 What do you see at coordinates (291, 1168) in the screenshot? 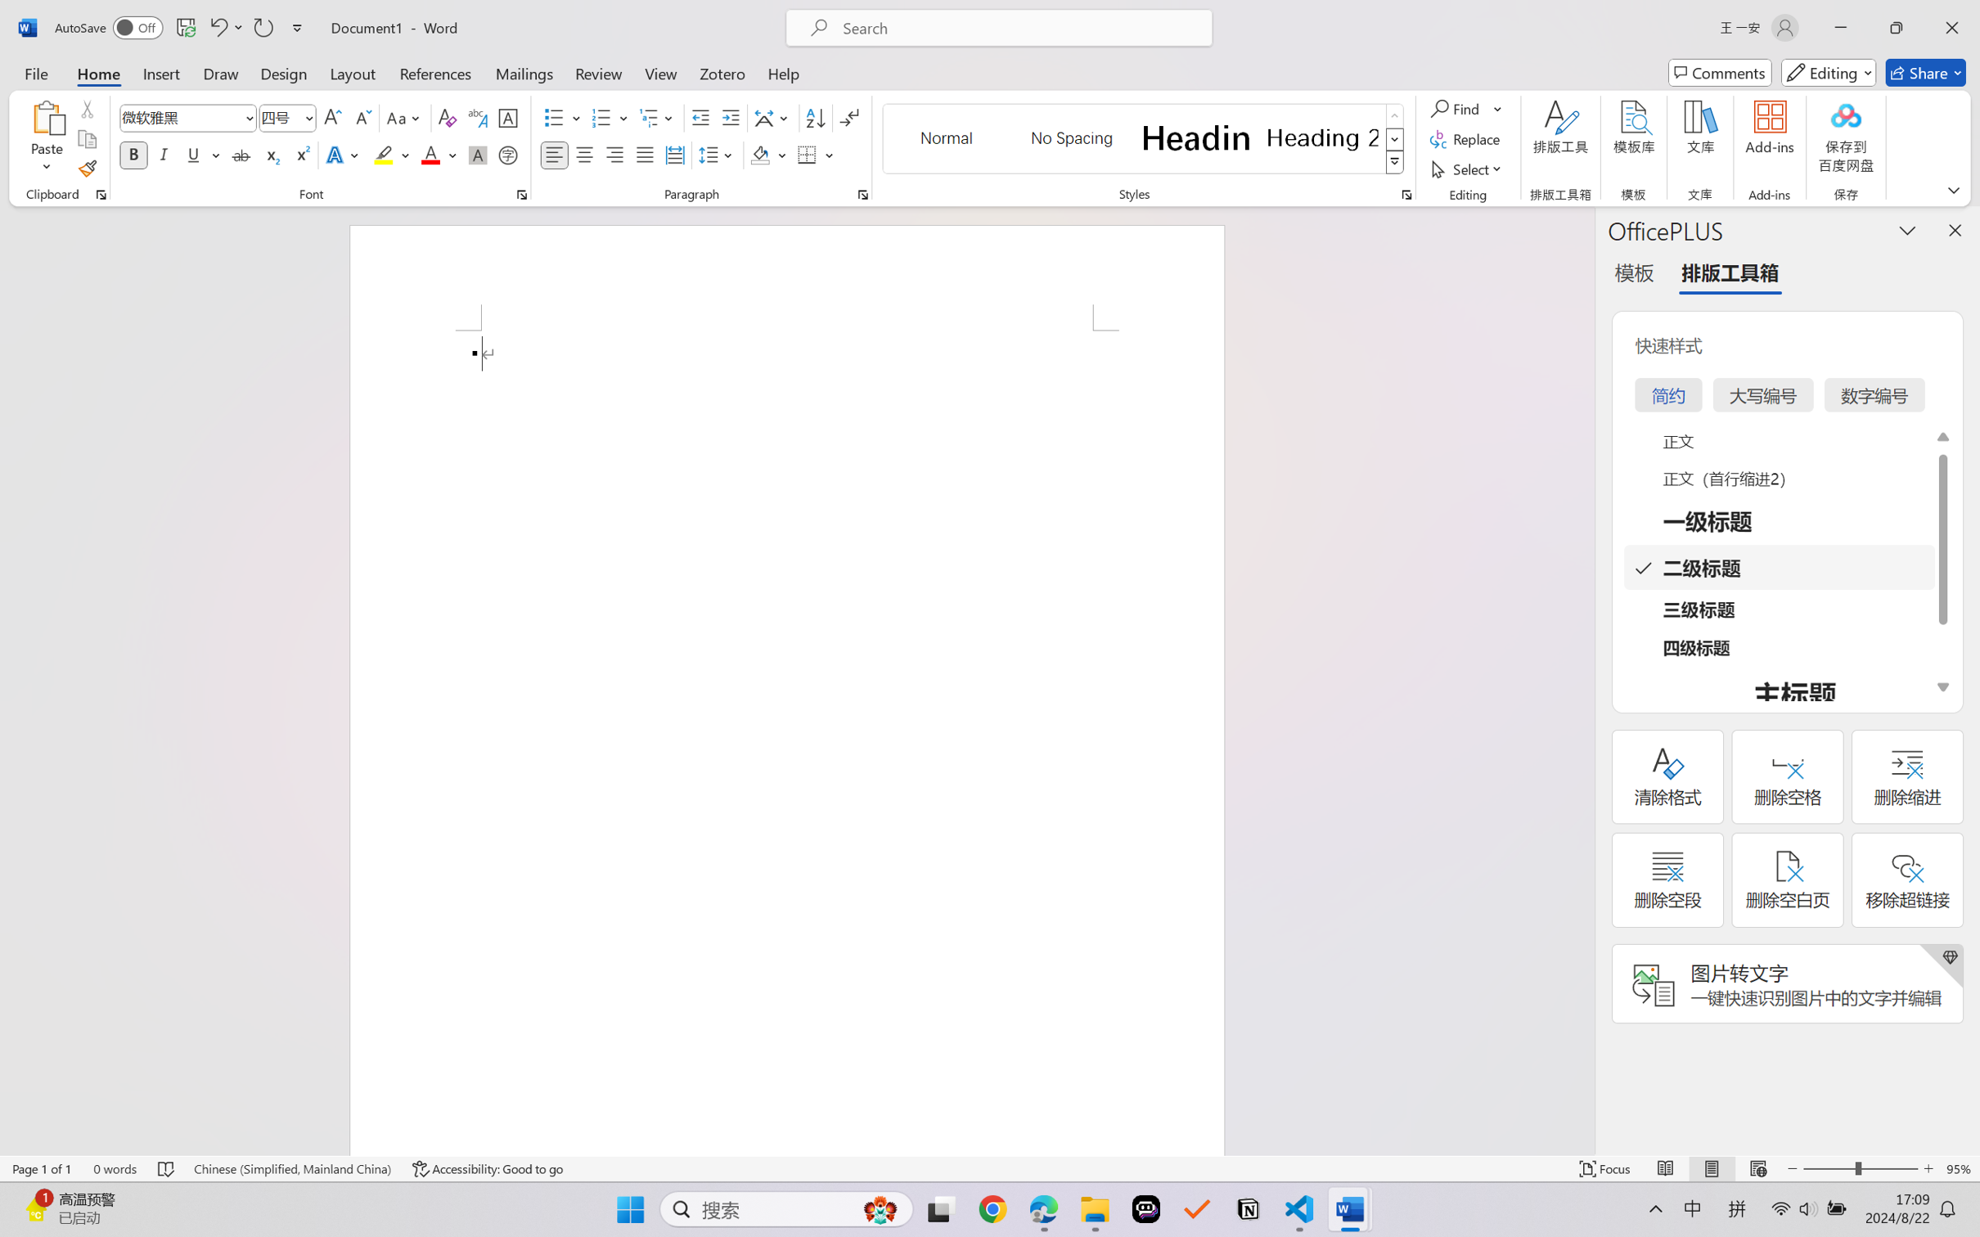
I see `'Language Chinese (Simplified, Mainland China)'` at bounding box center [291, 1168].